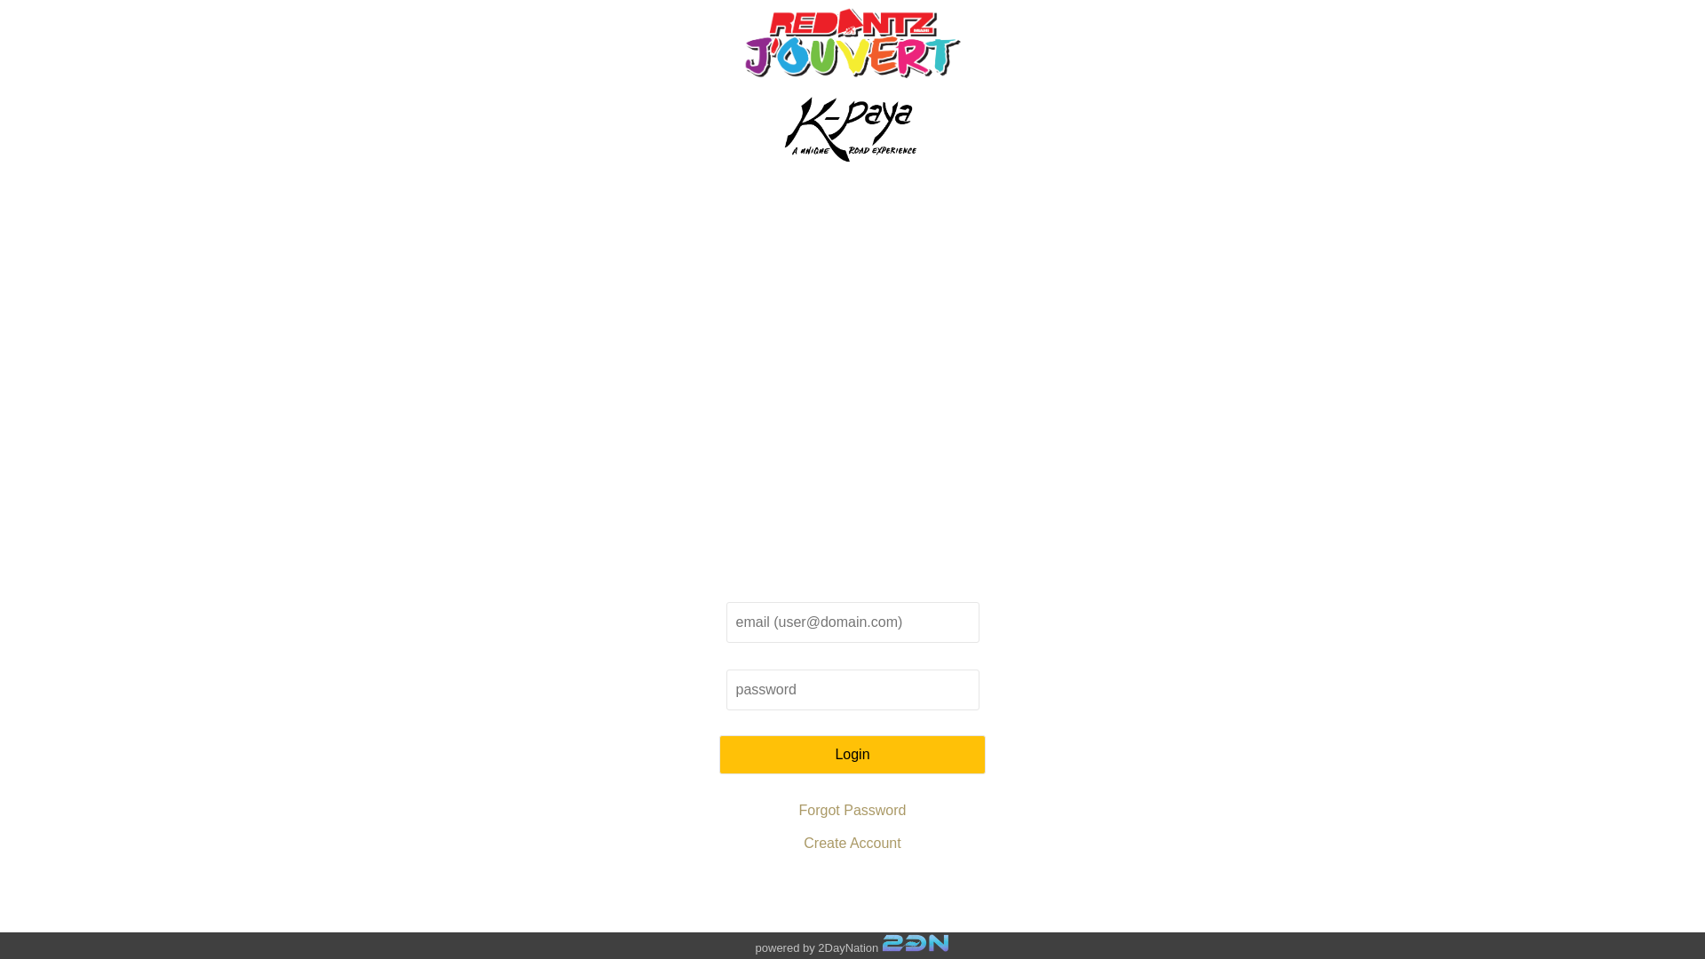 The width and height of the screenshot is (1705, 959). What do you see at coordinates (852, 810) in the screenshot?
I see `'Forgot Password'` at bounding box center [852, 810].